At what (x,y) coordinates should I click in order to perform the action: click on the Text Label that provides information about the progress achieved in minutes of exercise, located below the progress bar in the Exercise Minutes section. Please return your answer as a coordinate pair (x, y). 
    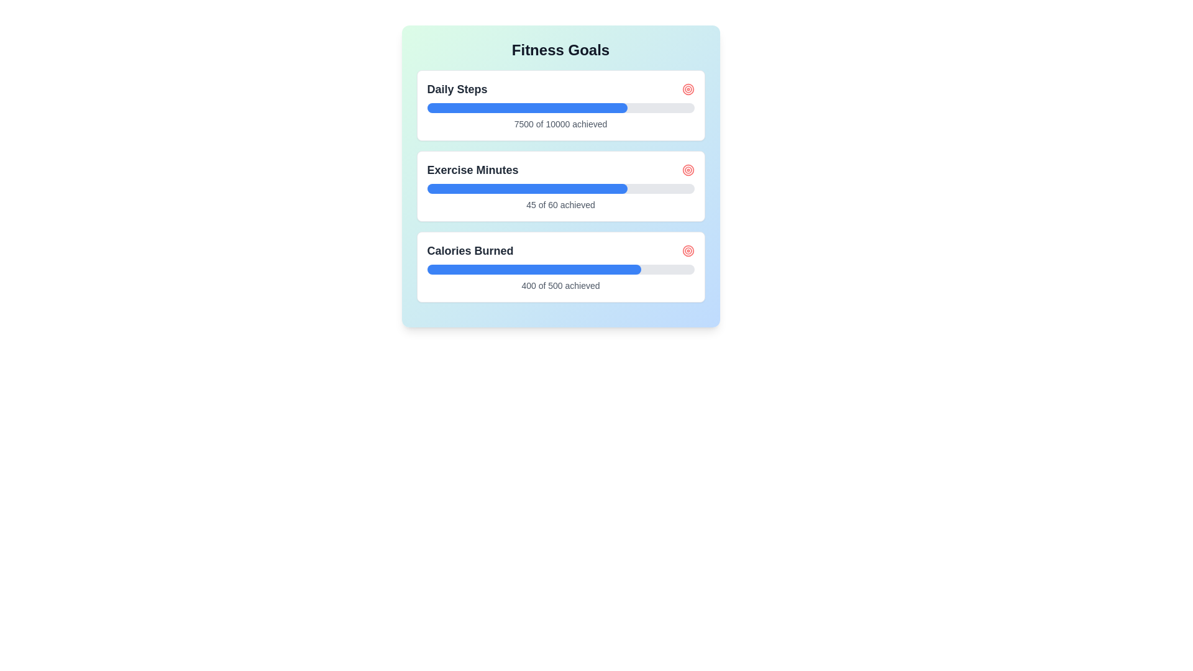
    Looking at the image, I should click on (560, 204).